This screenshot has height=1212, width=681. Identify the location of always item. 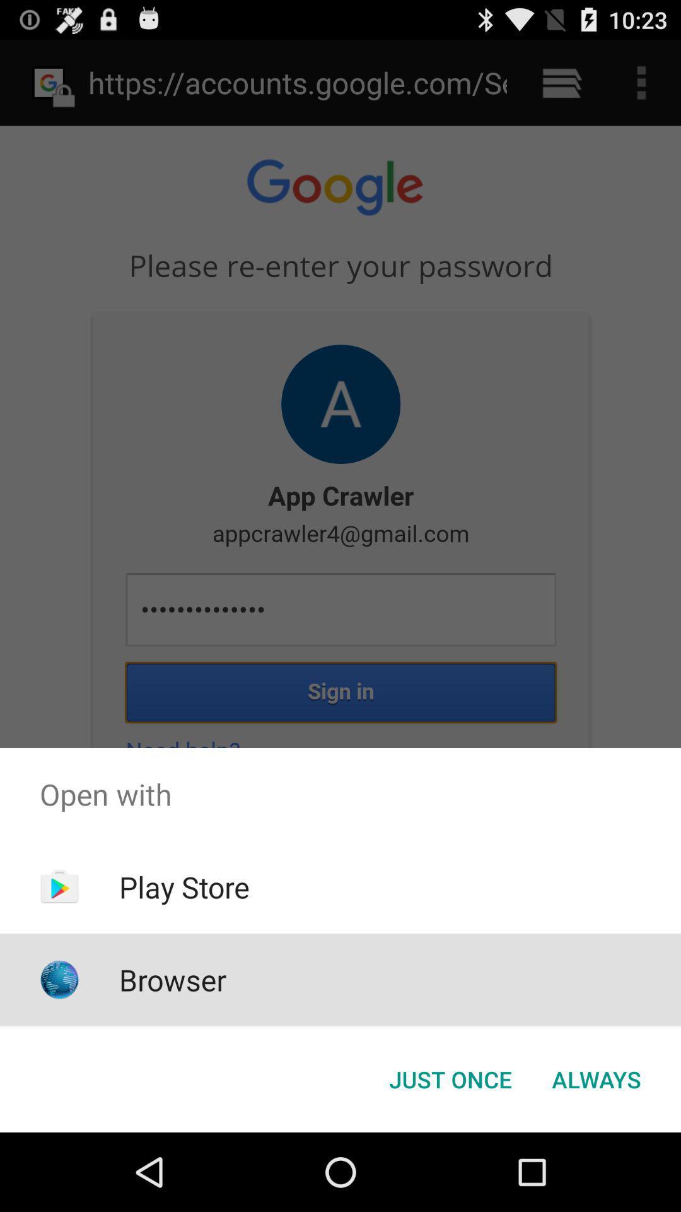
(596, 1078).